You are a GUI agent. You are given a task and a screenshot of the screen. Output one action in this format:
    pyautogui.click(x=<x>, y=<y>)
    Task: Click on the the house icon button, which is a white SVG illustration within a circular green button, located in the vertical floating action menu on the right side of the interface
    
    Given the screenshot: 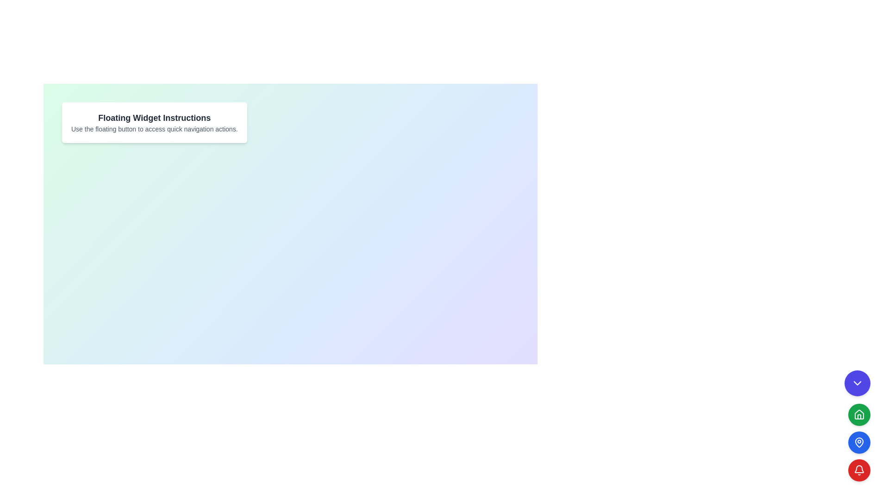 What is the action you would take?
    pyautogui.click(x=859, y=414)
    